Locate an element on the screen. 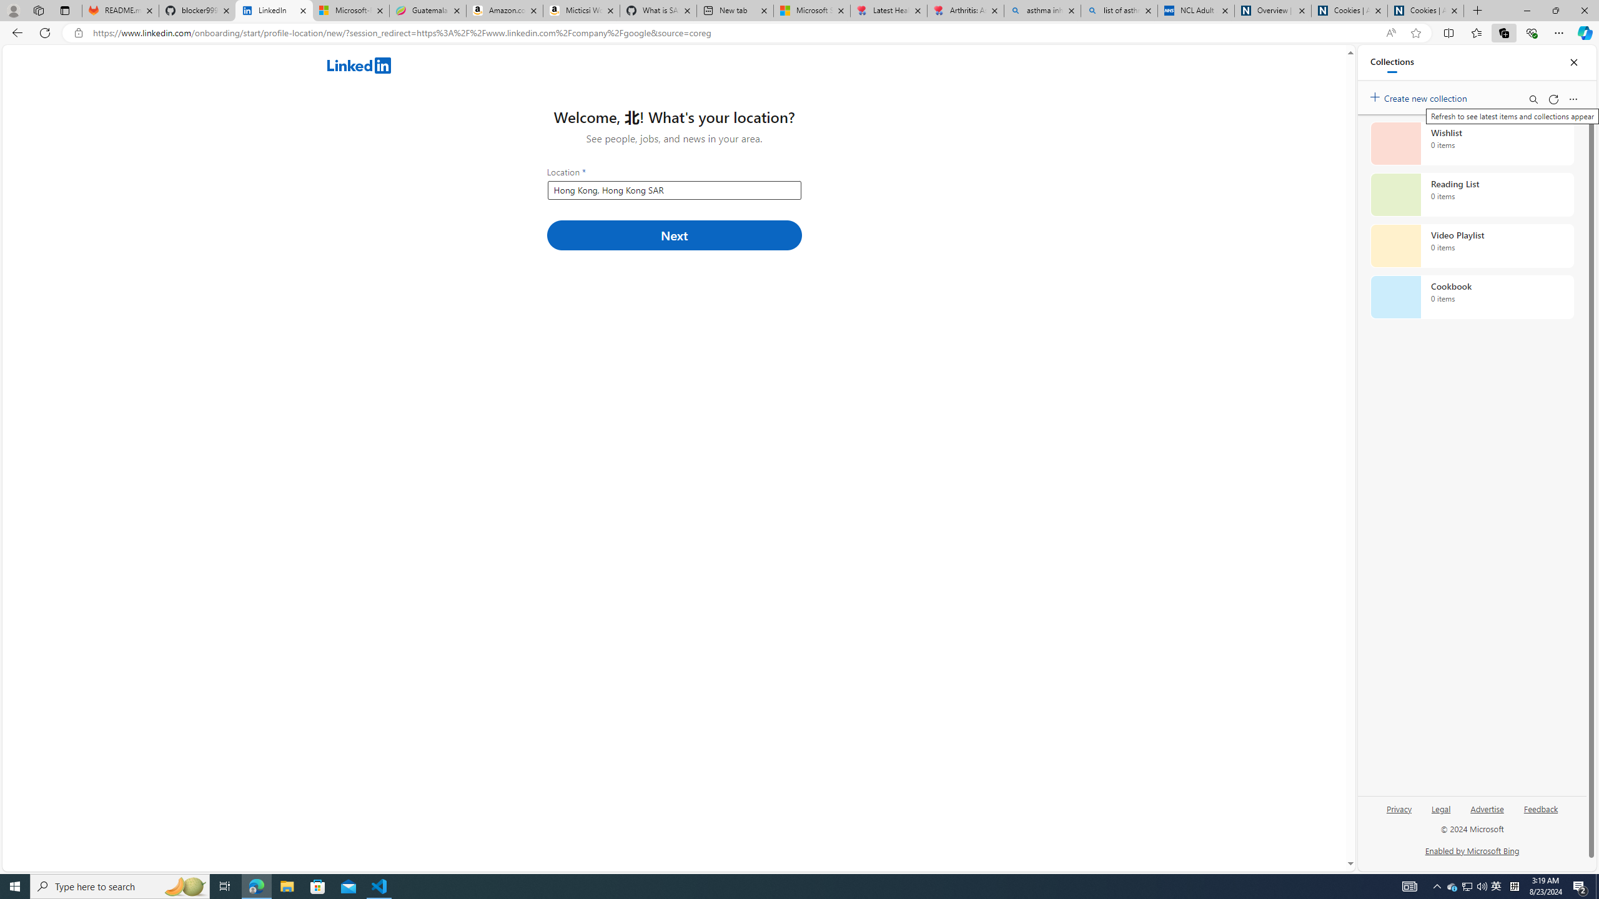  'Video Playlist collection, 0 items' is located at coordinates (1472, 245).